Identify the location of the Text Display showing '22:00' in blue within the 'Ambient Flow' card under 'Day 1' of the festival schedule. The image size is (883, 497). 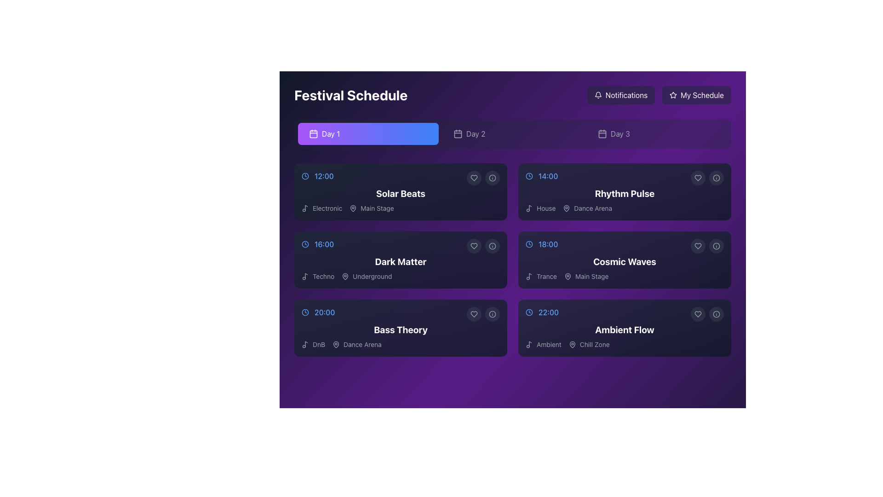
(548, 312).